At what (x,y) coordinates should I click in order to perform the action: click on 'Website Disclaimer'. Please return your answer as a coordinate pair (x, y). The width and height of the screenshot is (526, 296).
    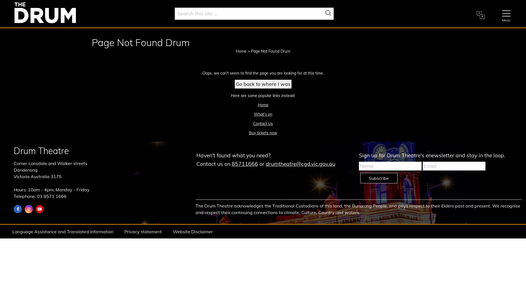
    Looking at the image, I should click on (193, 231).